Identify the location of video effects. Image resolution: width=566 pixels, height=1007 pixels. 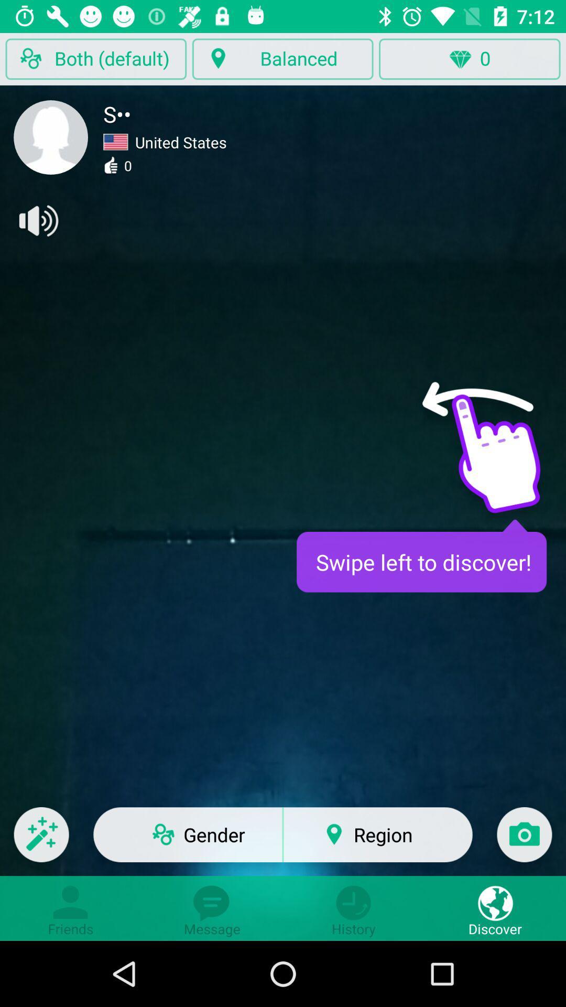
(41, 841).